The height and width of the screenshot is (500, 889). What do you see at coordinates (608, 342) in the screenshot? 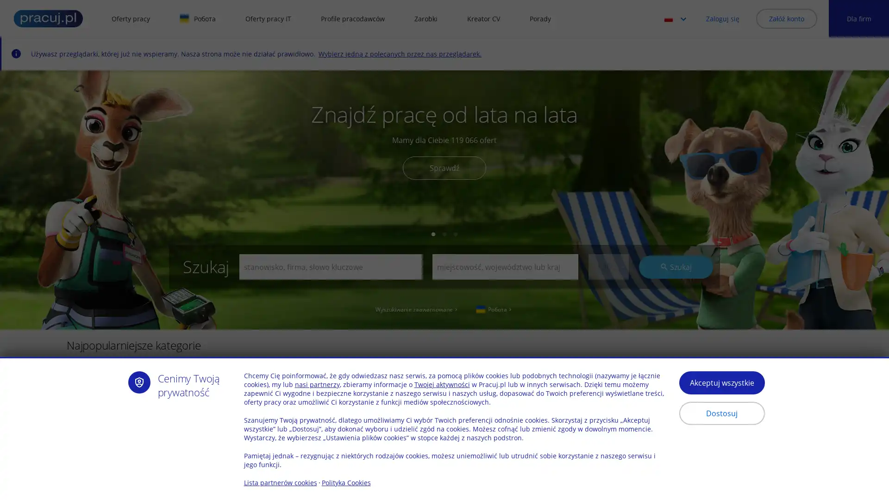
I see `+ 20 km` at bounding box center [608, 342].